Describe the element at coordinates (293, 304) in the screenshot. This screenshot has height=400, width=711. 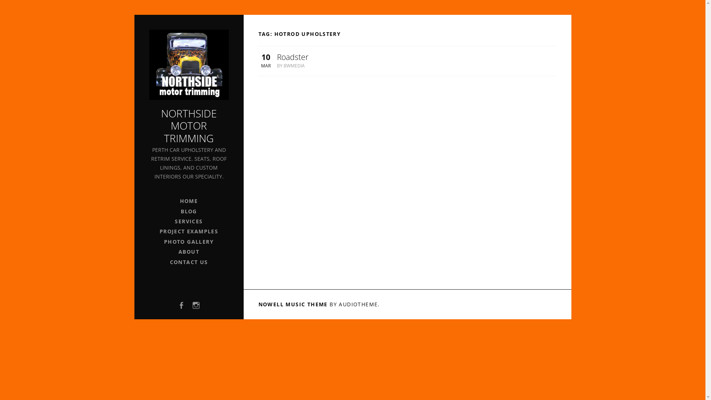
I see `'NOWELL MUSIC THEME'` at that location.